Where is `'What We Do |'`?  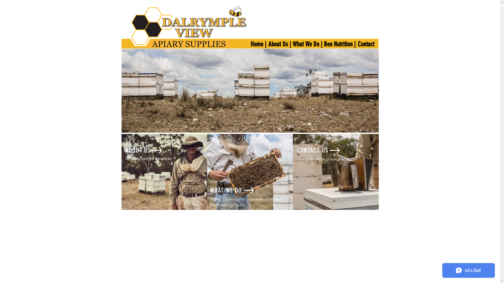 'What We Do |' is located at coordinates (288, 44).